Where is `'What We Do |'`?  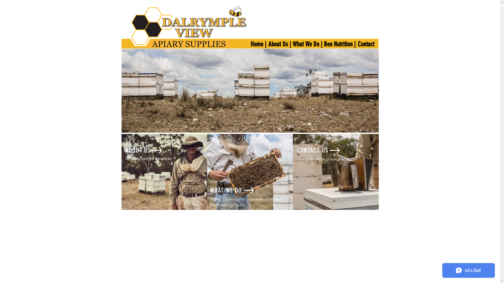 'What We Do |' is located at coordinates (288, 44).